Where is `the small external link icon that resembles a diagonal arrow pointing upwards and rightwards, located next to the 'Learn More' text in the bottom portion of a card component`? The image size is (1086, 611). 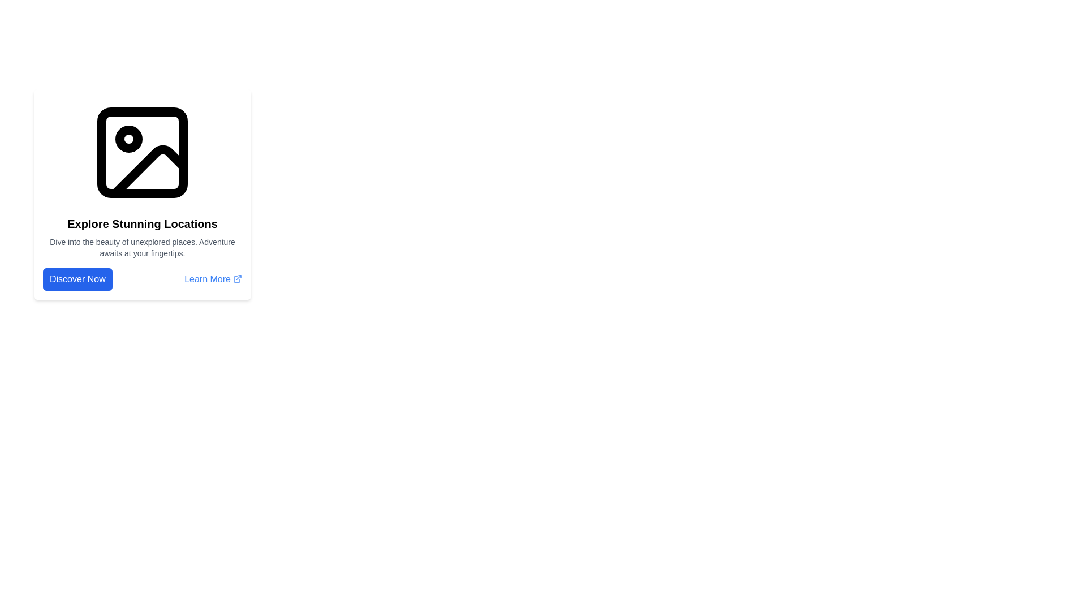 the small external link icon that resembles a diagonal arrow pointing upwards and rightwards, located next to the 'Learn More' text in the bottom portion of a card component is located at coordinates (237, 279).